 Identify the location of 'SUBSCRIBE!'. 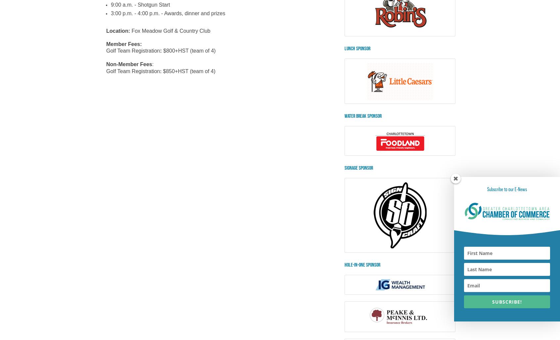
(507, 302).